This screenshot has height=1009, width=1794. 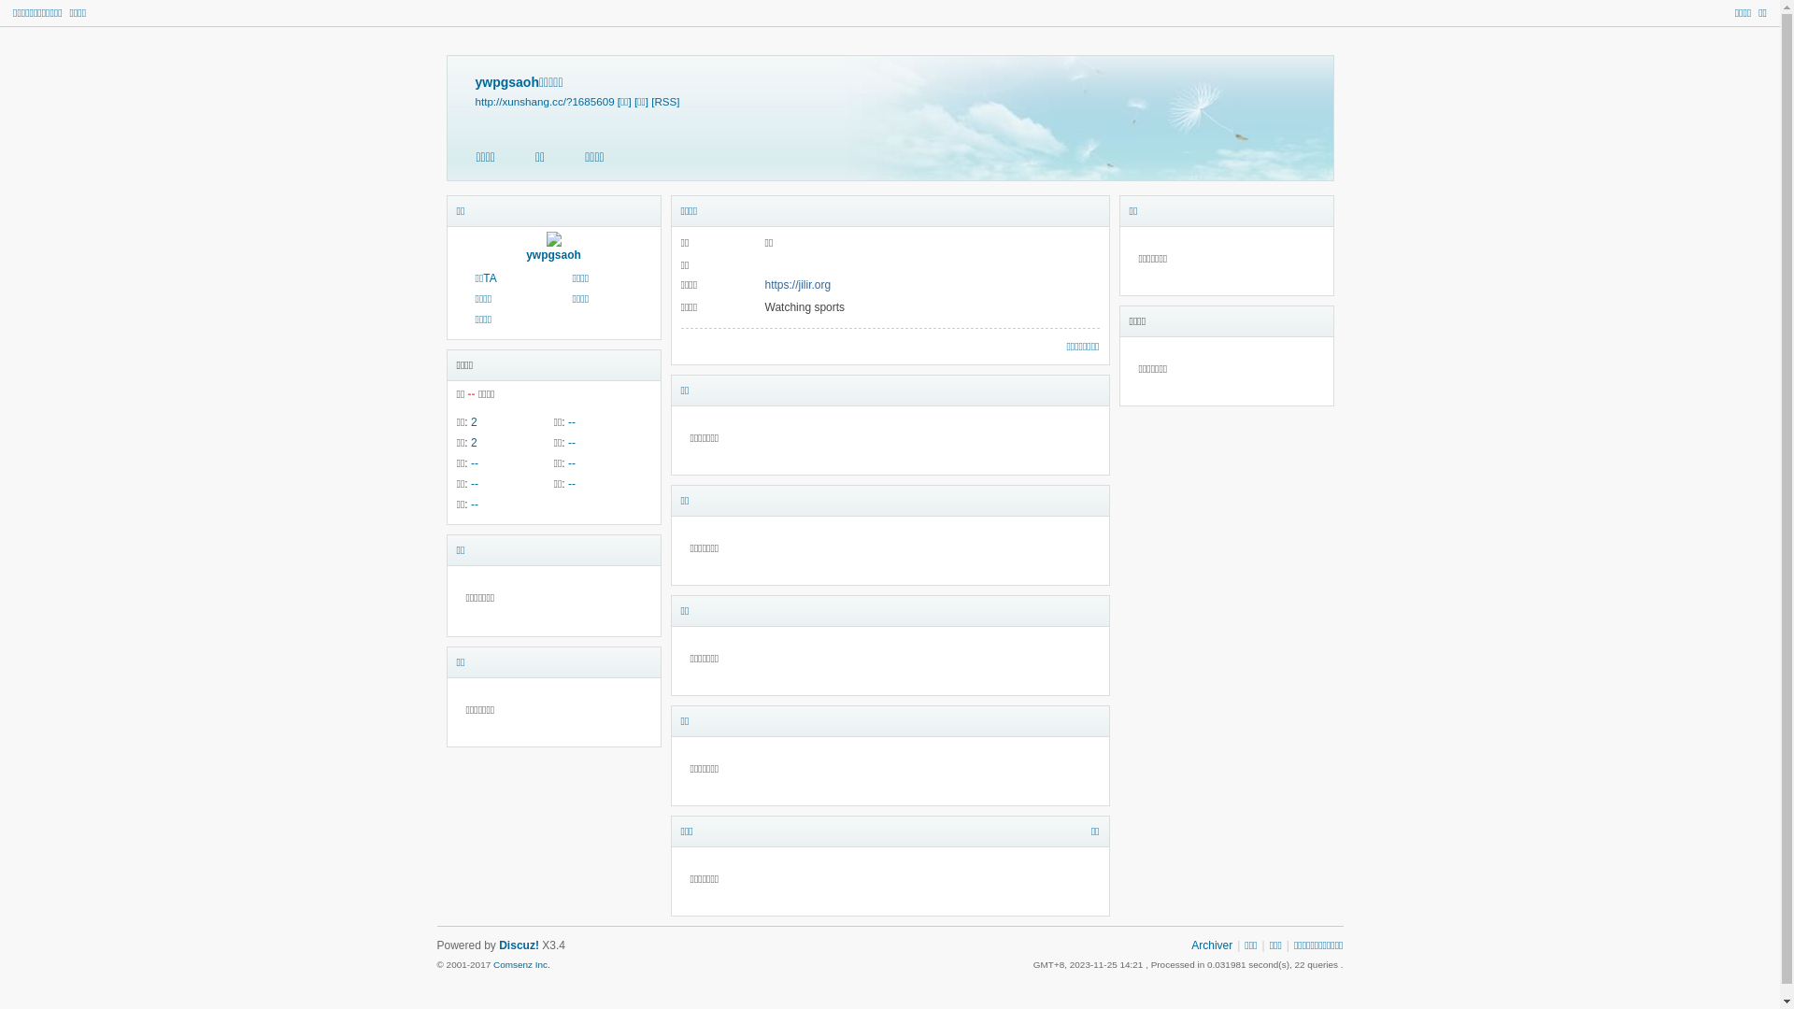 What do you see at coordinates (567, 421) in the screenshot?
I see `'--'` at bounding box center [567, 421].